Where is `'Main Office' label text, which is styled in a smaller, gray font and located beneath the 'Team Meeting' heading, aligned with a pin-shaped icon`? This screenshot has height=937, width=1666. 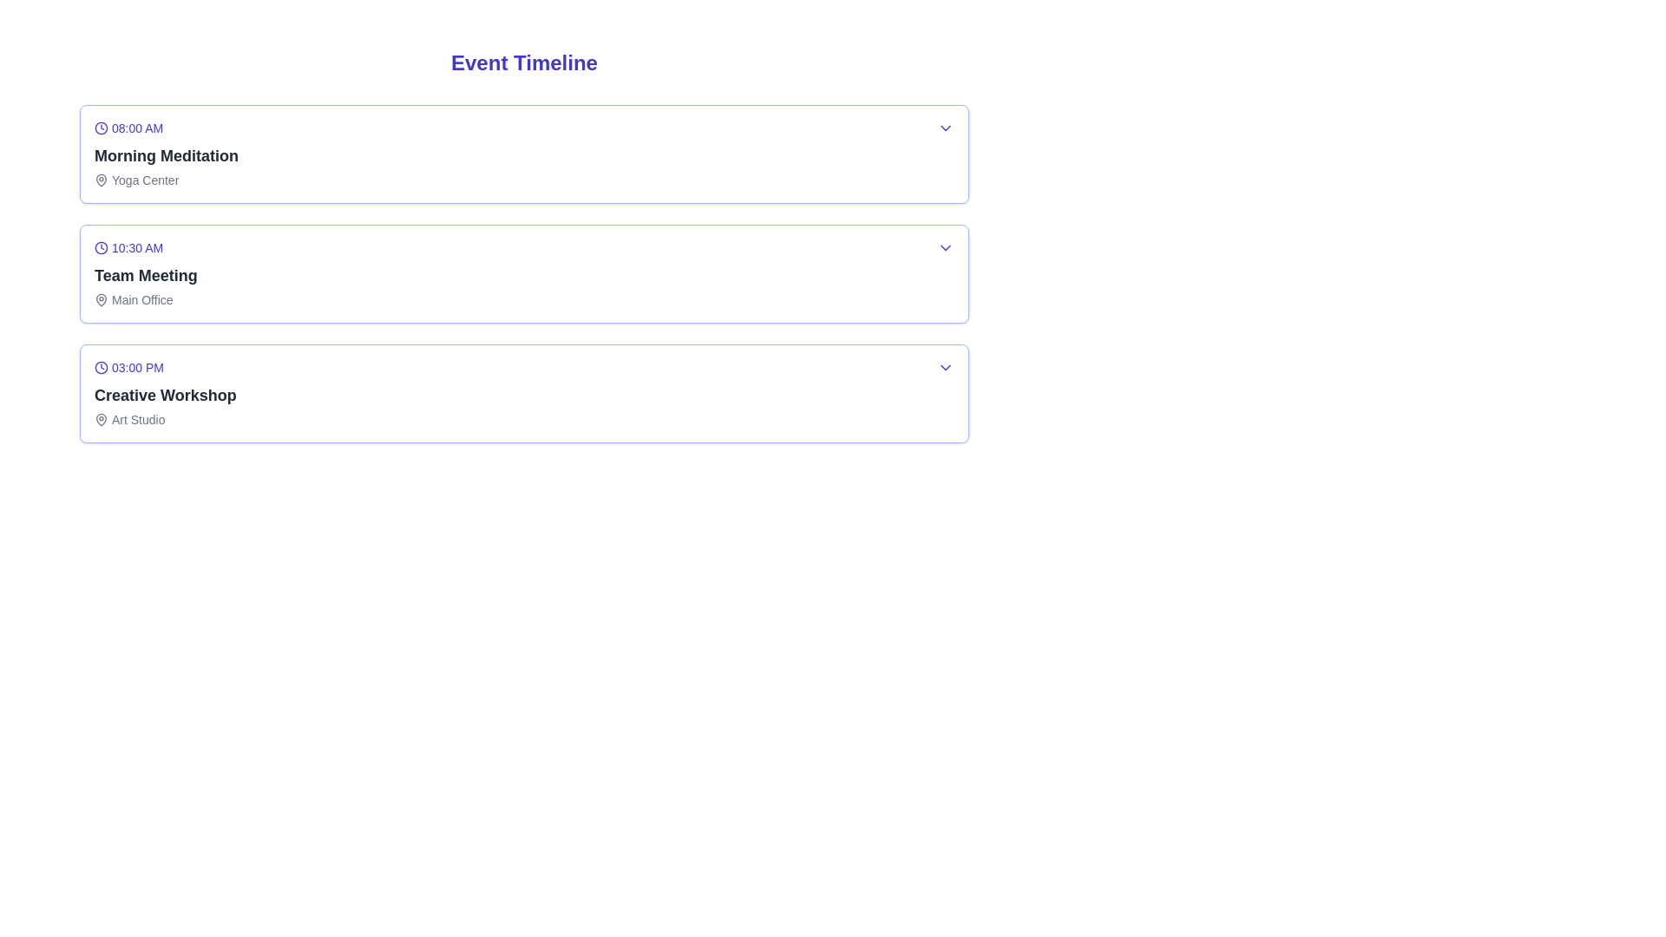
'Main Office' label text, which is styled in a smaller, gray font and located beneath the 'Team Meeting' heading, aligned with a pin-shaped icon is located at coordinates (146, 299).